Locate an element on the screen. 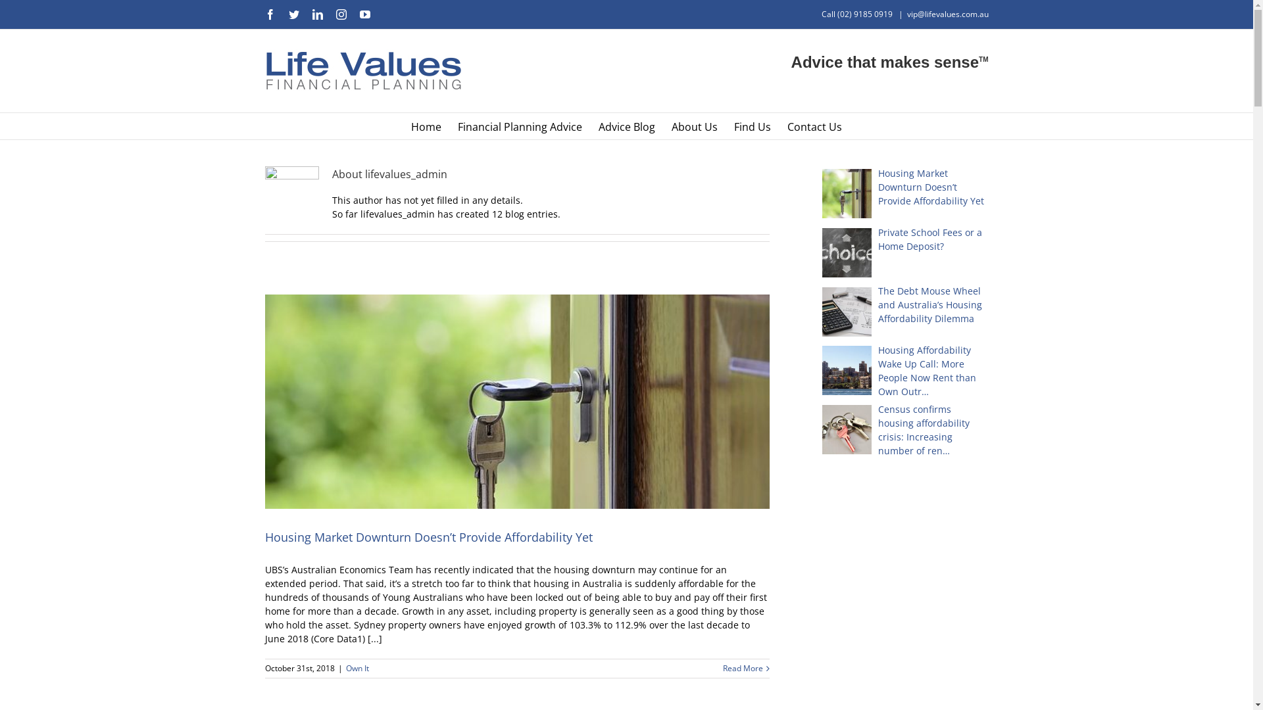 The image size is (1263, 710). 'Read More' is located at coordinates (742, 669).